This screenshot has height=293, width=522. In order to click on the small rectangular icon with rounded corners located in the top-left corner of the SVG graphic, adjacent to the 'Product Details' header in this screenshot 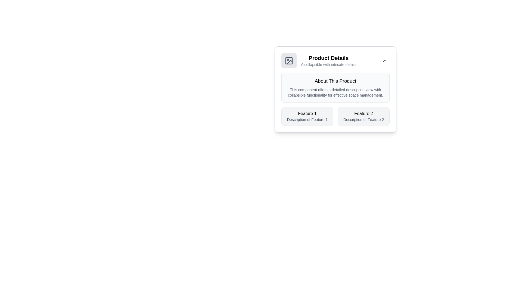, I will do `click(288, 60)`.